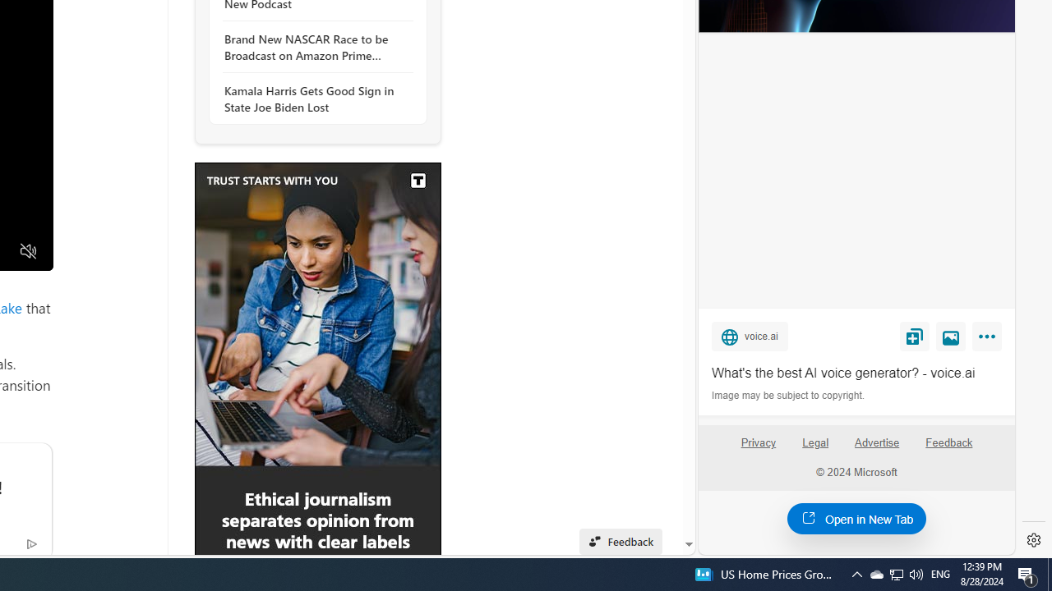  I want to click on 'Advertise', so click(875, 442).